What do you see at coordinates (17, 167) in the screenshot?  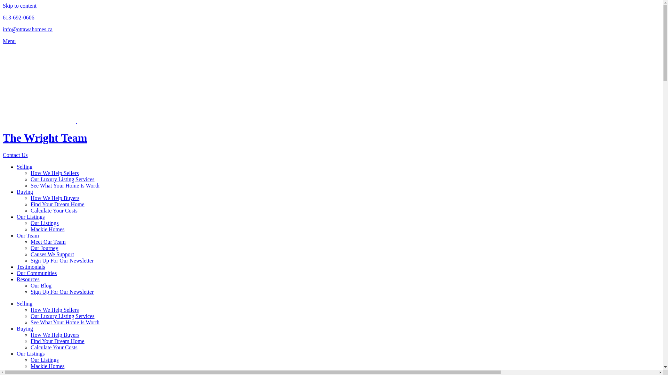 I see `'Selling'` at bounding box center [17, 167].